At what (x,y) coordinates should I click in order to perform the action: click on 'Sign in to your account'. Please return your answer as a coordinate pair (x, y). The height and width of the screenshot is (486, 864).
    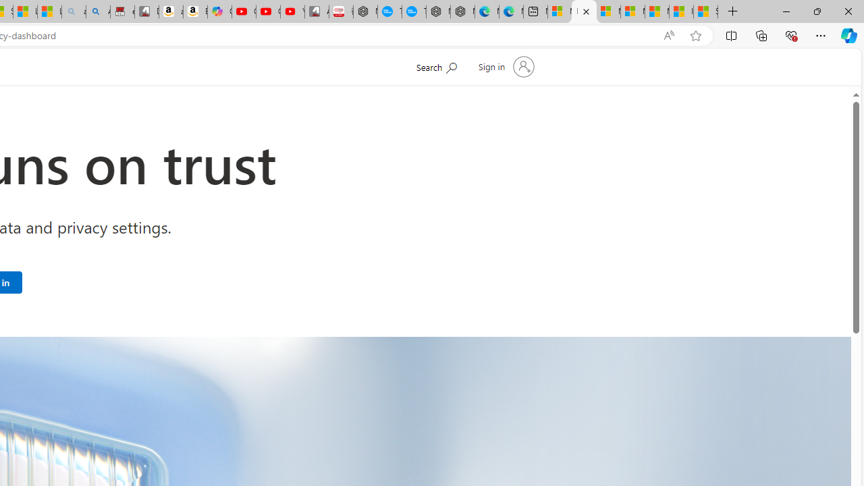
    Looking at the image, I should click on (504, 67).